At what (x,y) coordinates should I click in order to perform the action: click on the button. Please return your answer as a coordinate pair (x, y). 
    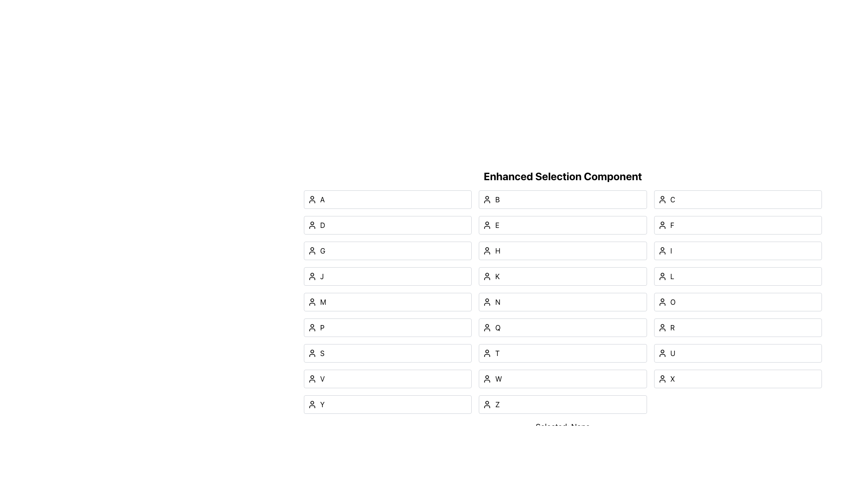
    Looking at the image, I should click on (738, 276).